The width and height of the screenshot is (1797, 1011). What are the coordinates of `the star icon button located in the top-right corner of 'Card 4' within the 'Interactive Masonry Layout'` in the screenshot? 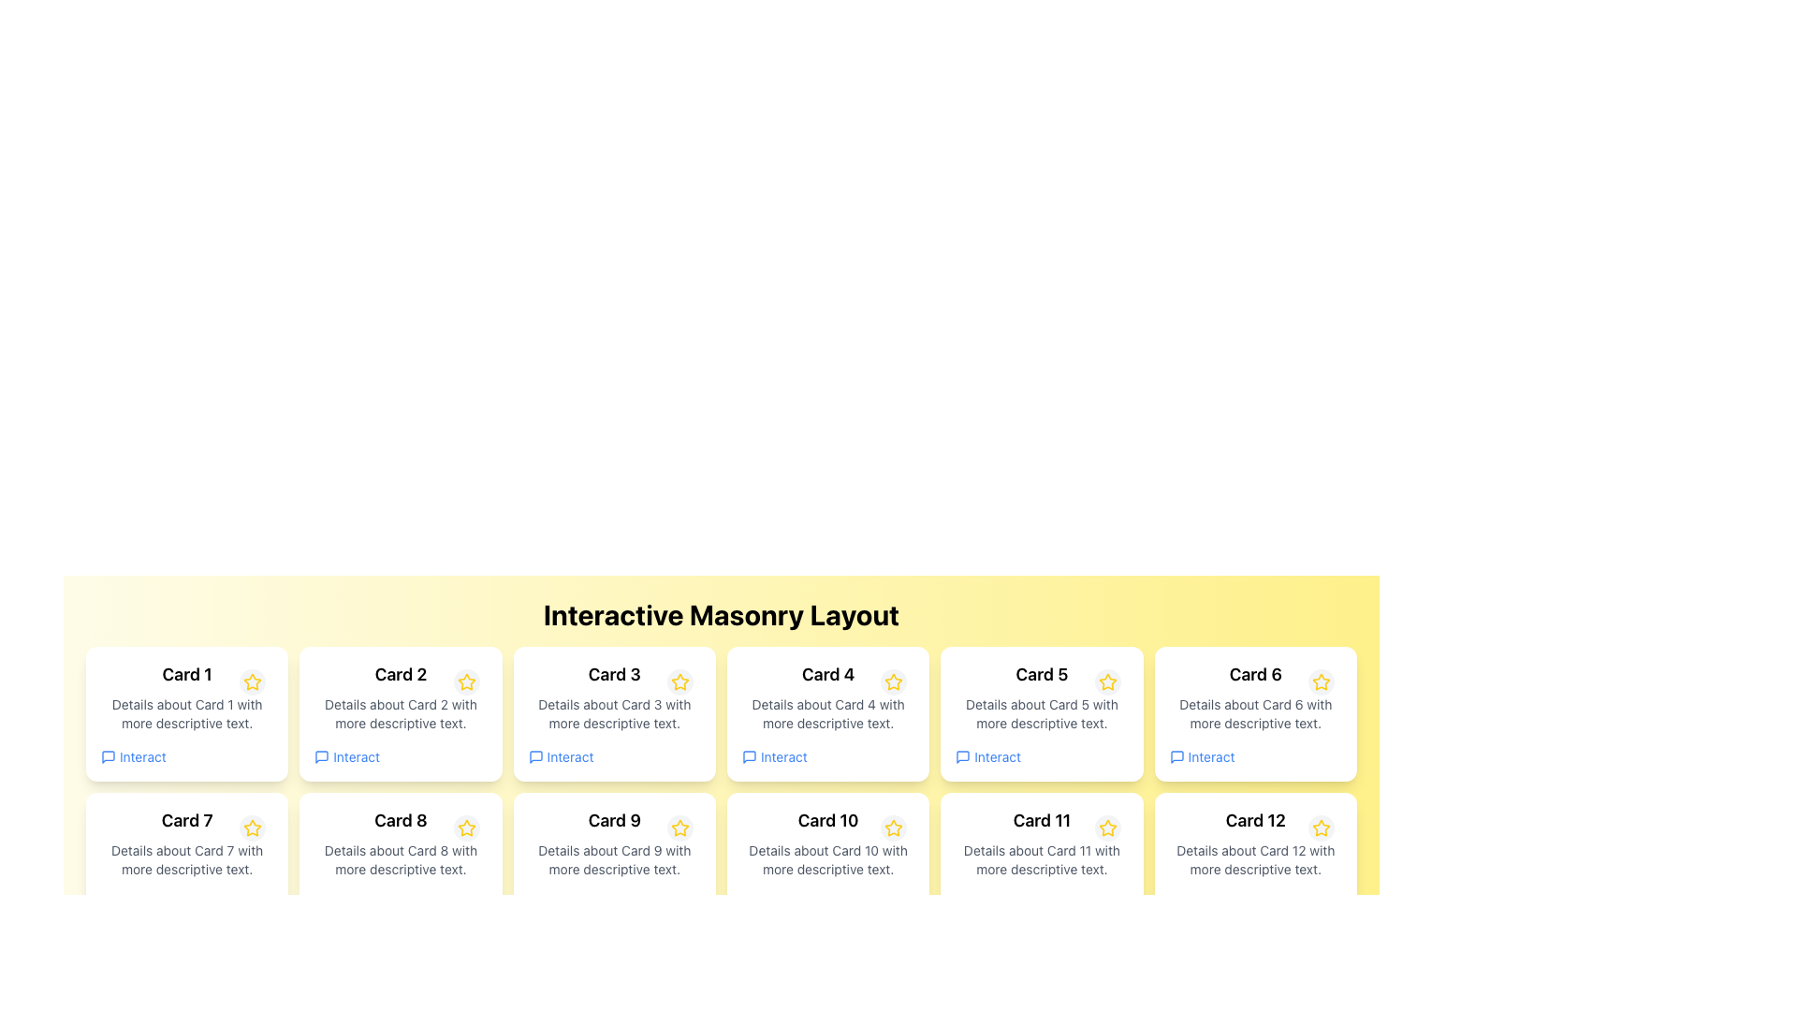 It's located at (893, 682).